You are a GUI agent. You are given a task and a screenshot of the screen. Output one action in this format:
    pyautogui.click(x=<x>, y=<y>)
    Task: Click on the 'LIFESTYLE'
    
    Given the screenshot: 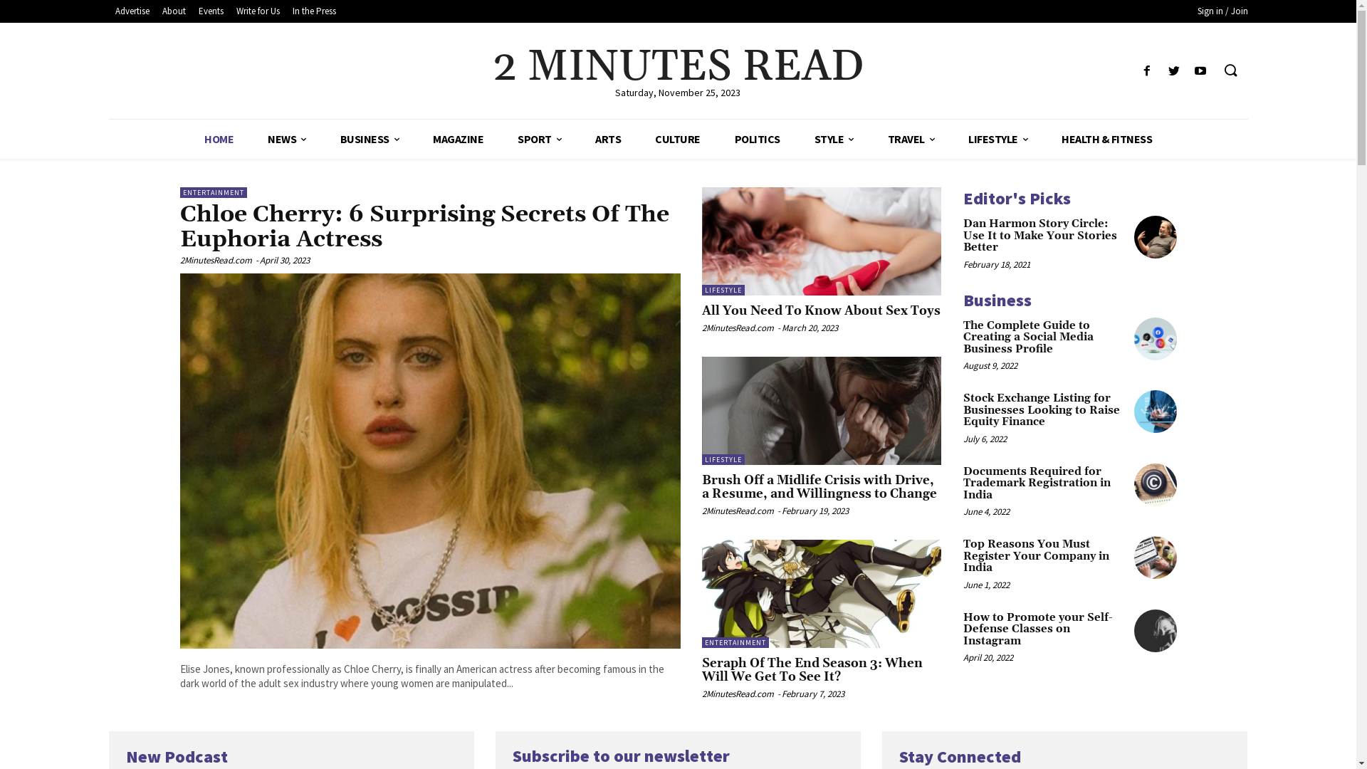 What is the action you would take?
    pyautogui.click(x=997, y=139)
    